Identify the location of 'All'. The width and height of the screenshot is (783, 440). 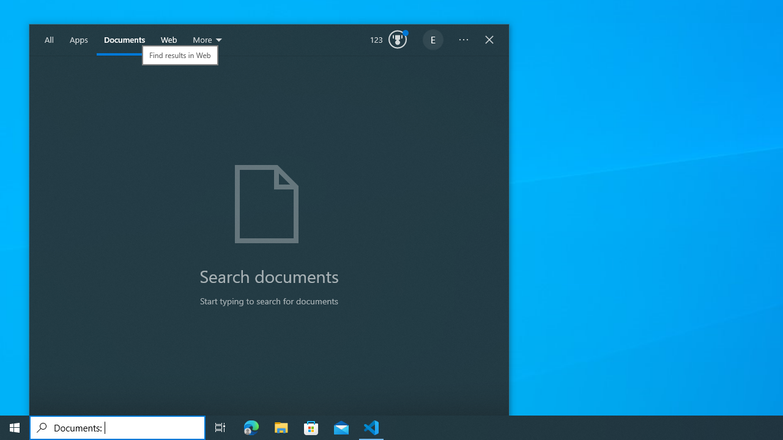
(49, 40).